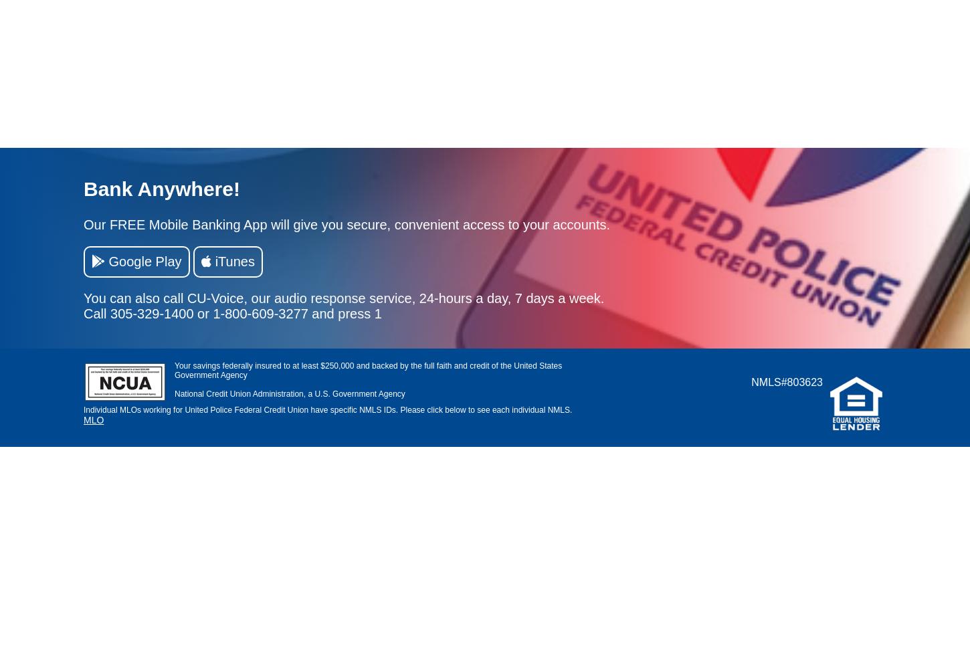 Image resolution: width=970 pixels, height=669 pixels. What do you see at coordinates (161, 188) in the screenshot?
I see `'Bank Anywhere!'` at bounding box center [161, 188].